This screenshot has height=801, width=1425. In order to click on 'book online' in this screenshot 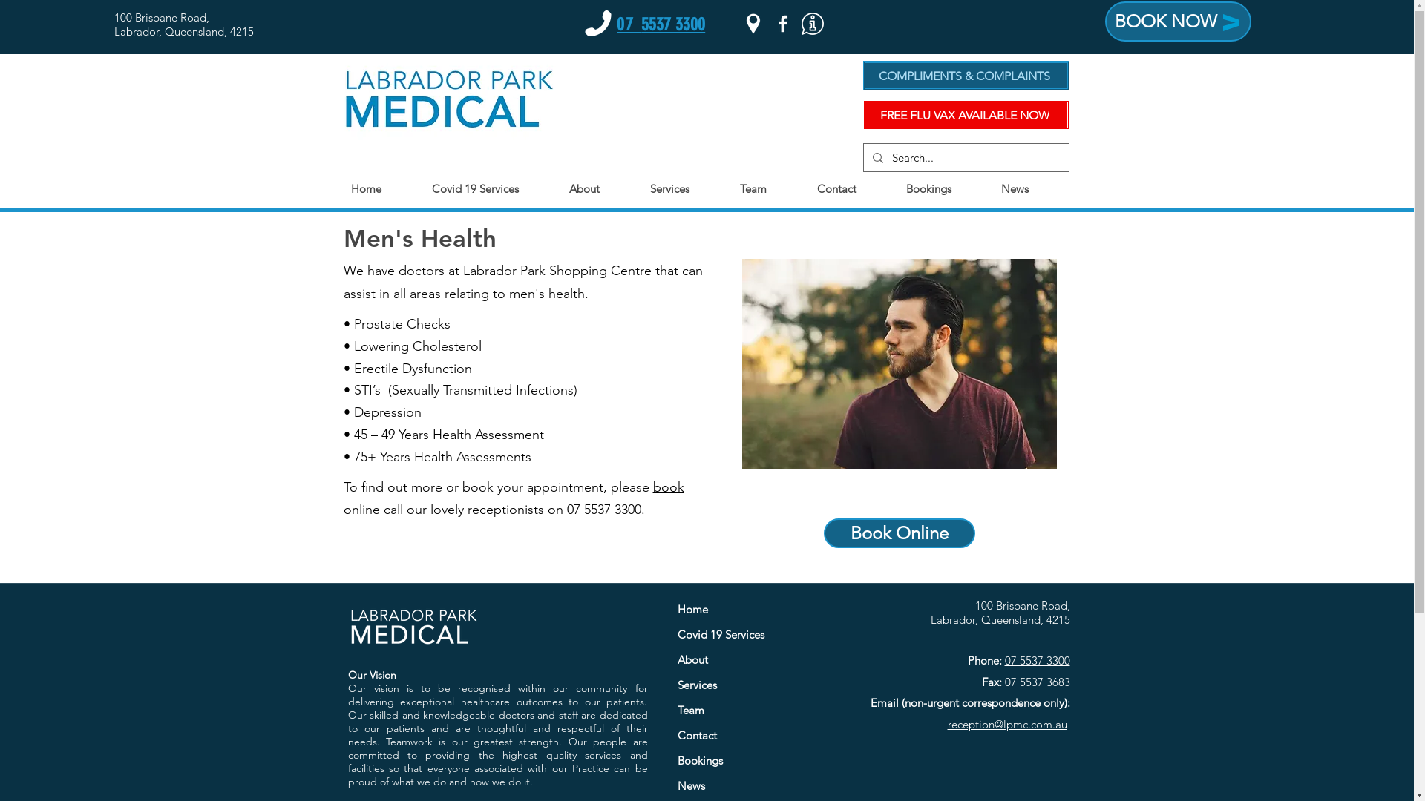, I will do `click(513, 498)`.